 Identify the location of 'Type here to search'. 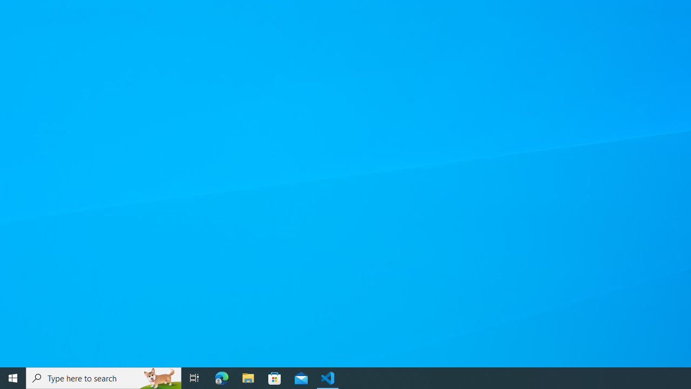
(104, 377).